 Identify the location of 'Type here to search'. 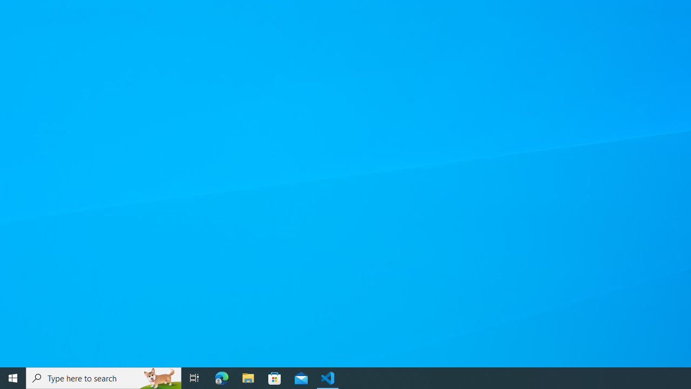
(104, 377).